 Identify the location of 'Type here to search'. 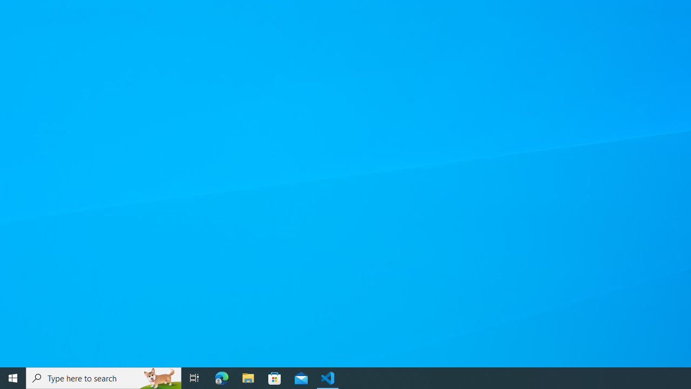
(104, 377).